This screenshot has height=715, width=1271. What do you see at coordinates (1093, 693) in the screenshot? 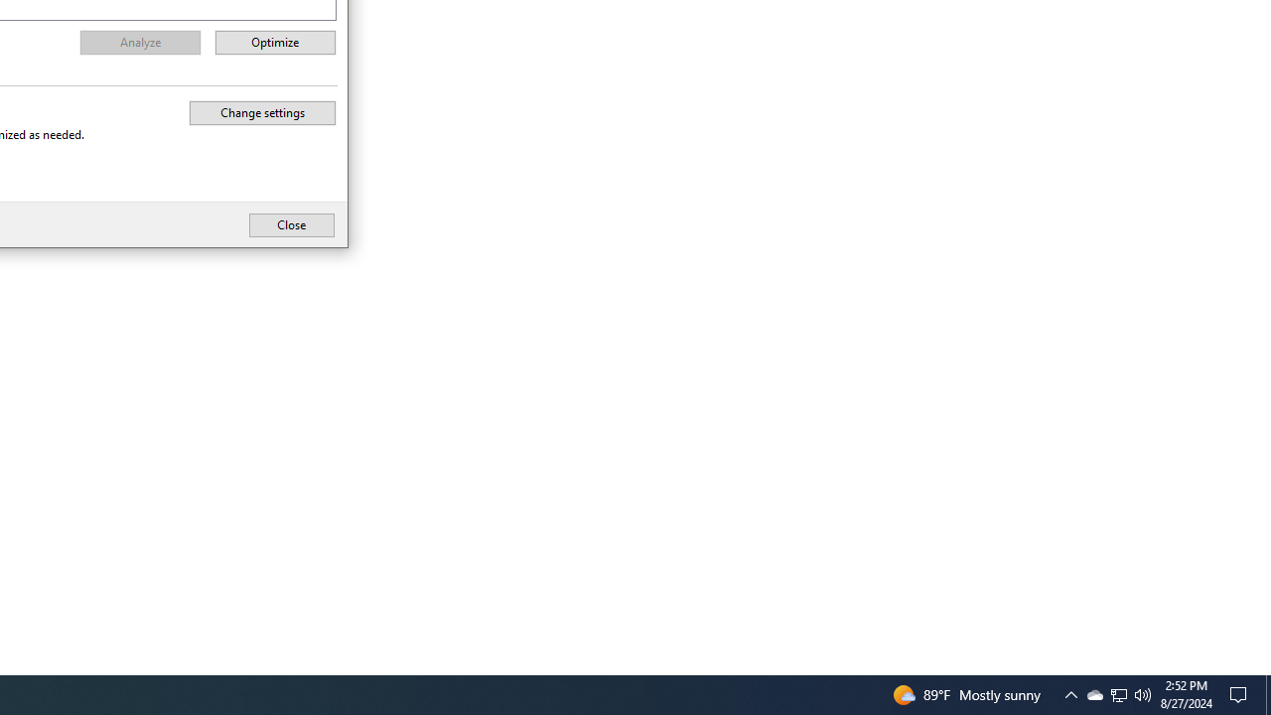
I see `'Notification Chevron'` at bounding box center [1093, 693].